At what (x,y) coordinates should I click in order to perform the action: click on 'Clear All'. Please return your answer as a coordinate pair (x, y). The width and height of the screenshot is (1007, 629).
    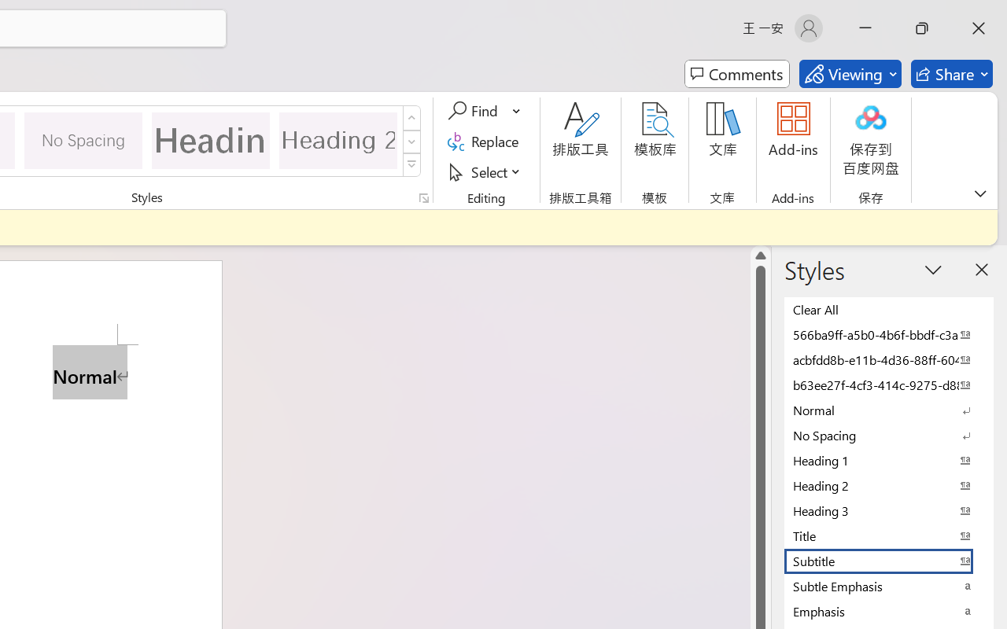
    Looking at the image, I should click on (889, 308).